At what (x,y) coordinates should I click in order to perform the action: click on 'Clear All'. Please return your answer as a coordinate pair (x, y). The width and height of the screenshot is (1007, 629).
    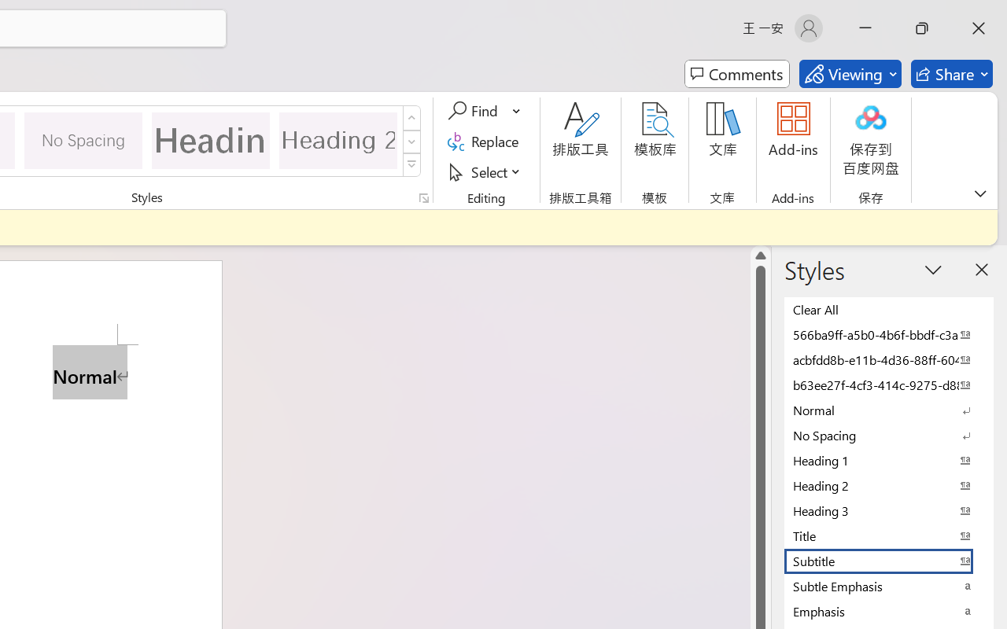
    Looking at the image, I should click on (889, 308).